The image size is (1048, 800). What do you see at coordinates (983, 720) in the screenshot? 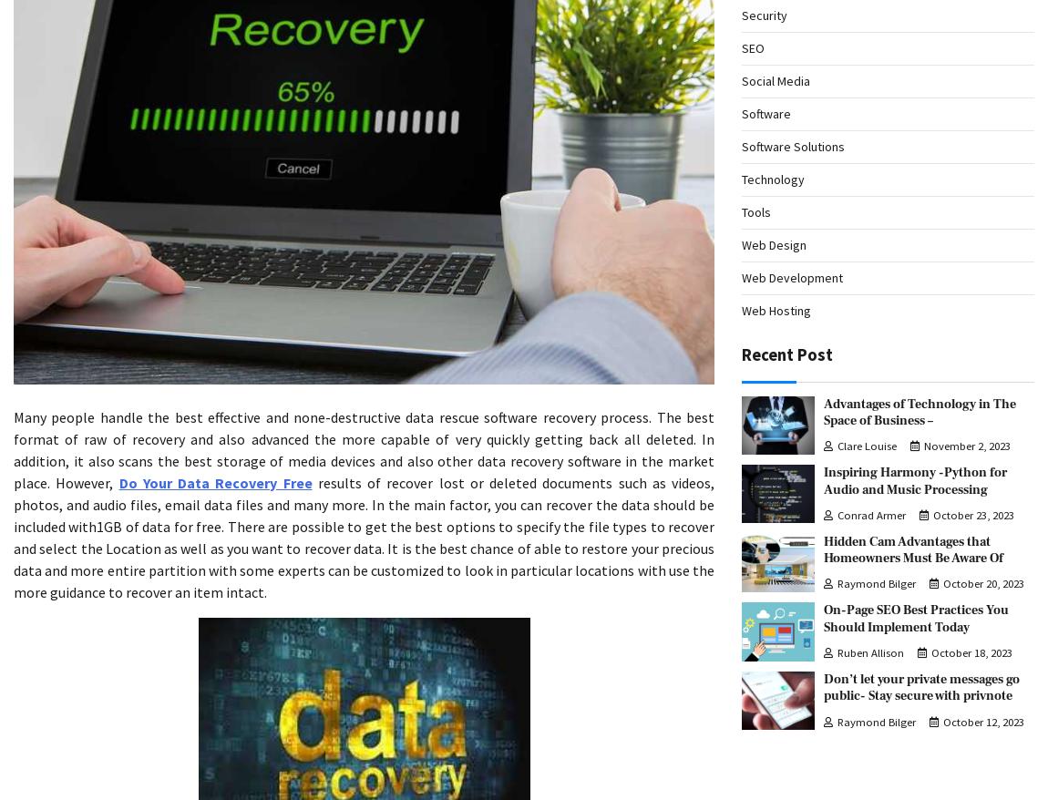
I see `'October 12, 2023'` at bounding box center [983, 720].